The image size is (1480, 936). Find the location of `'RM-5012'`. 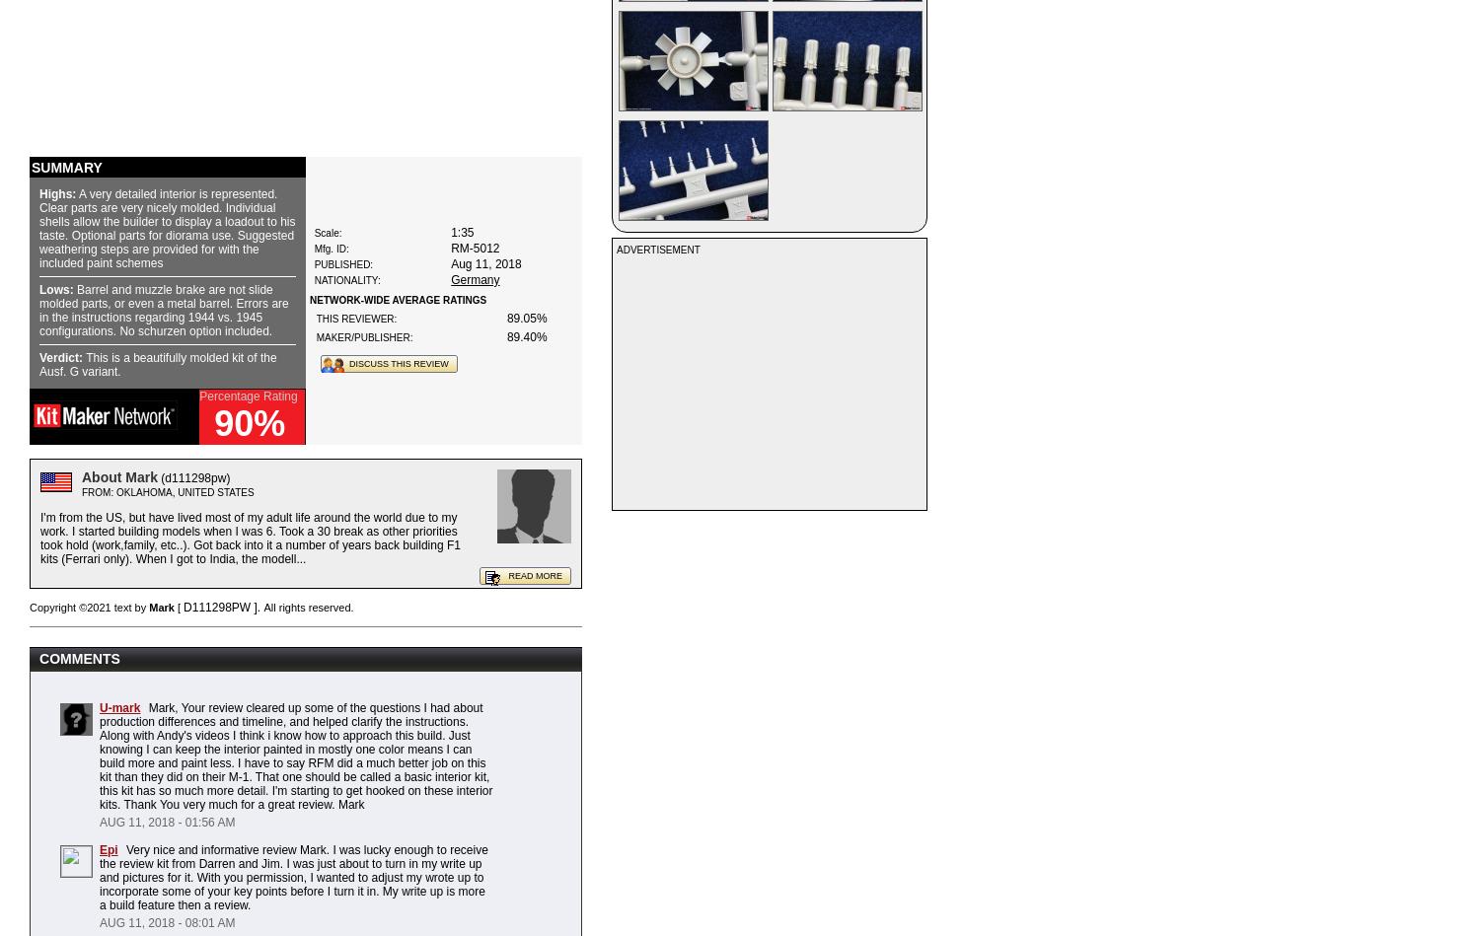

'RM-5012' is located at coordinates (474, 247).